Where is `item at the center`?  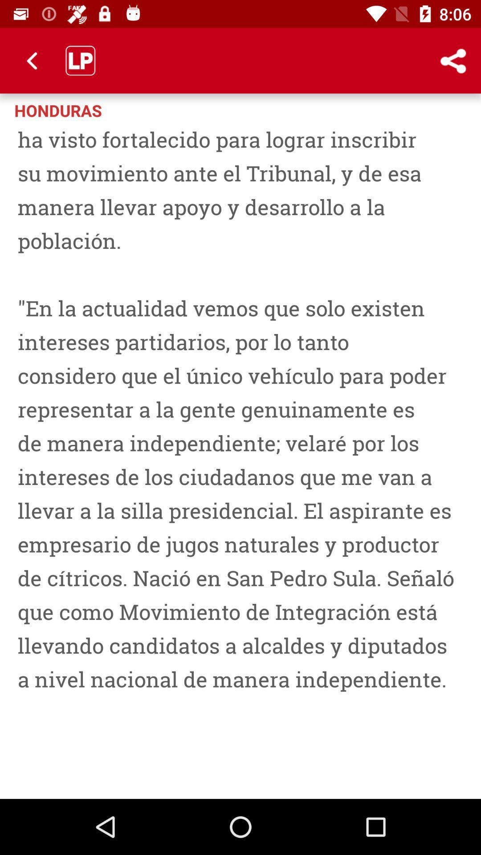
item at the center is located at coordinates (240, 457).